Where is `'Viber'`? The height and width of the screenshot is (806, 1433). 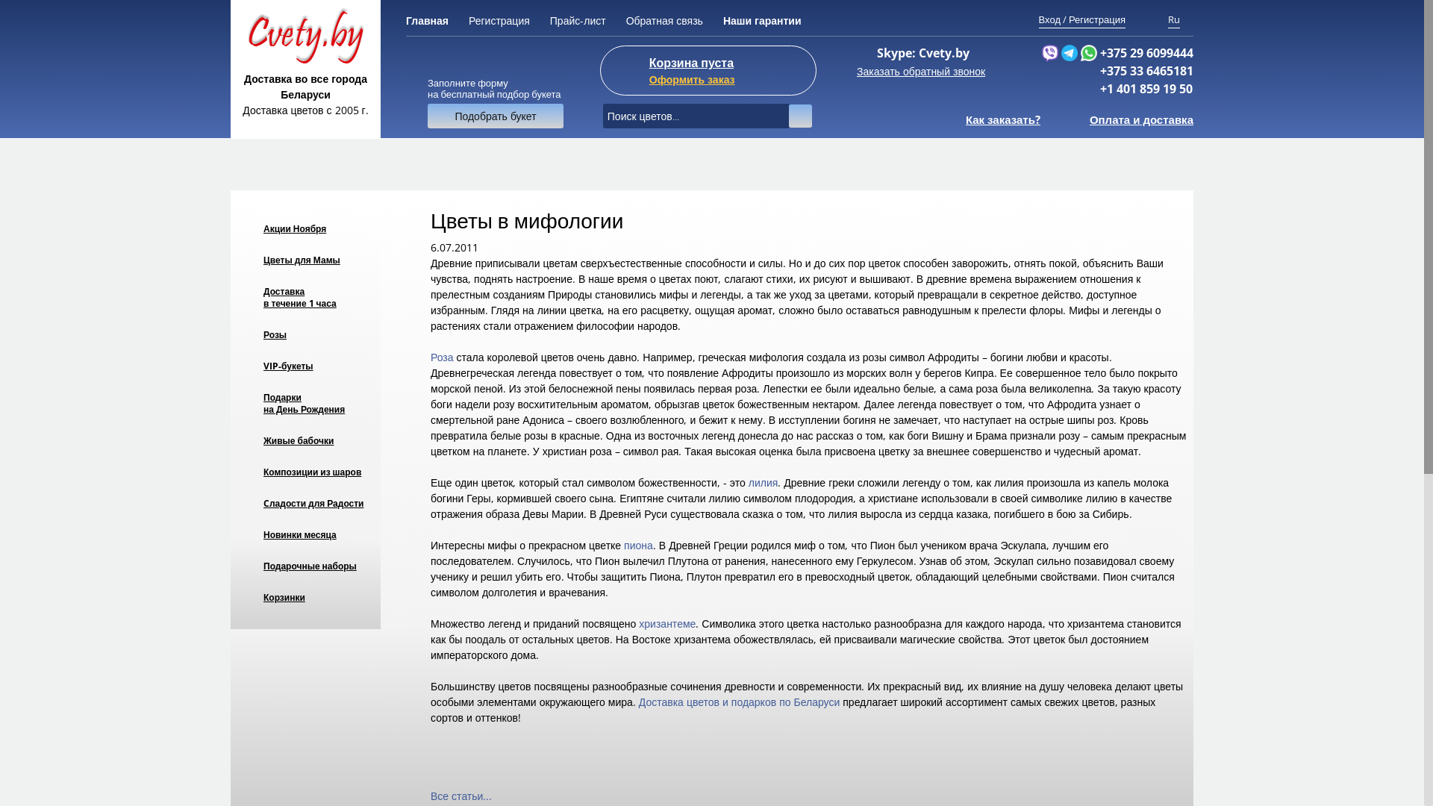 'Viber' is located at coordinates (1049, 51).